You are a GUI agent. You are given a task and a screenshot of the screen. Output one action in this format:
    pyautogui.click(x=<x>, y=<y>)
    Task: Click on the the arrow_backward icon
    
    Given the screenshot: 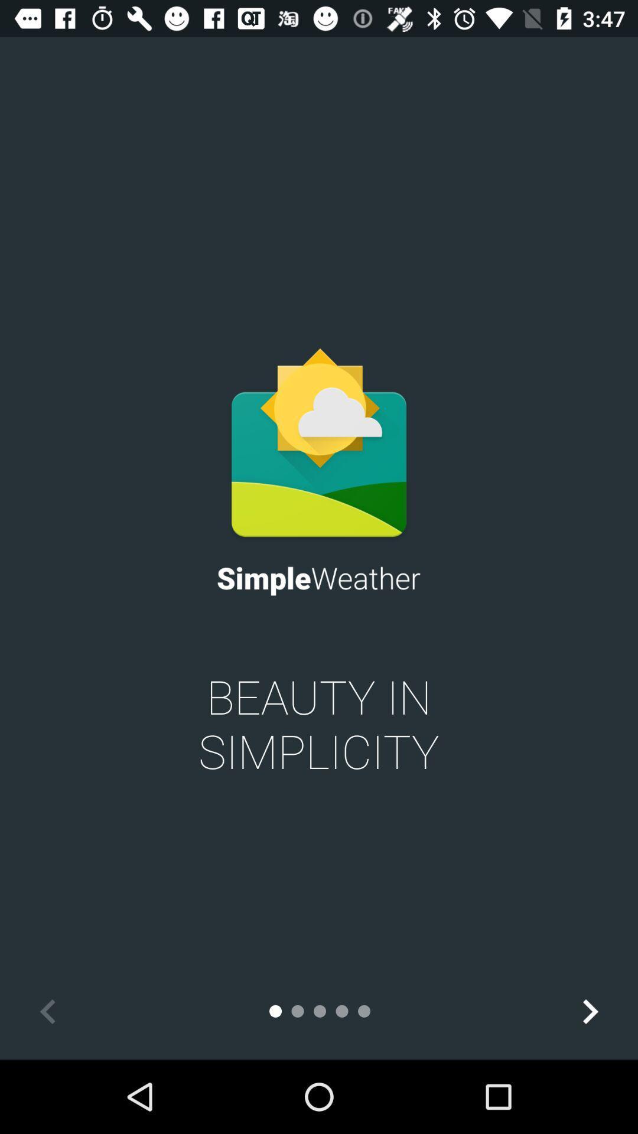 What is the action you would take?
    pyautogui.click(x=47, y=1011)
    